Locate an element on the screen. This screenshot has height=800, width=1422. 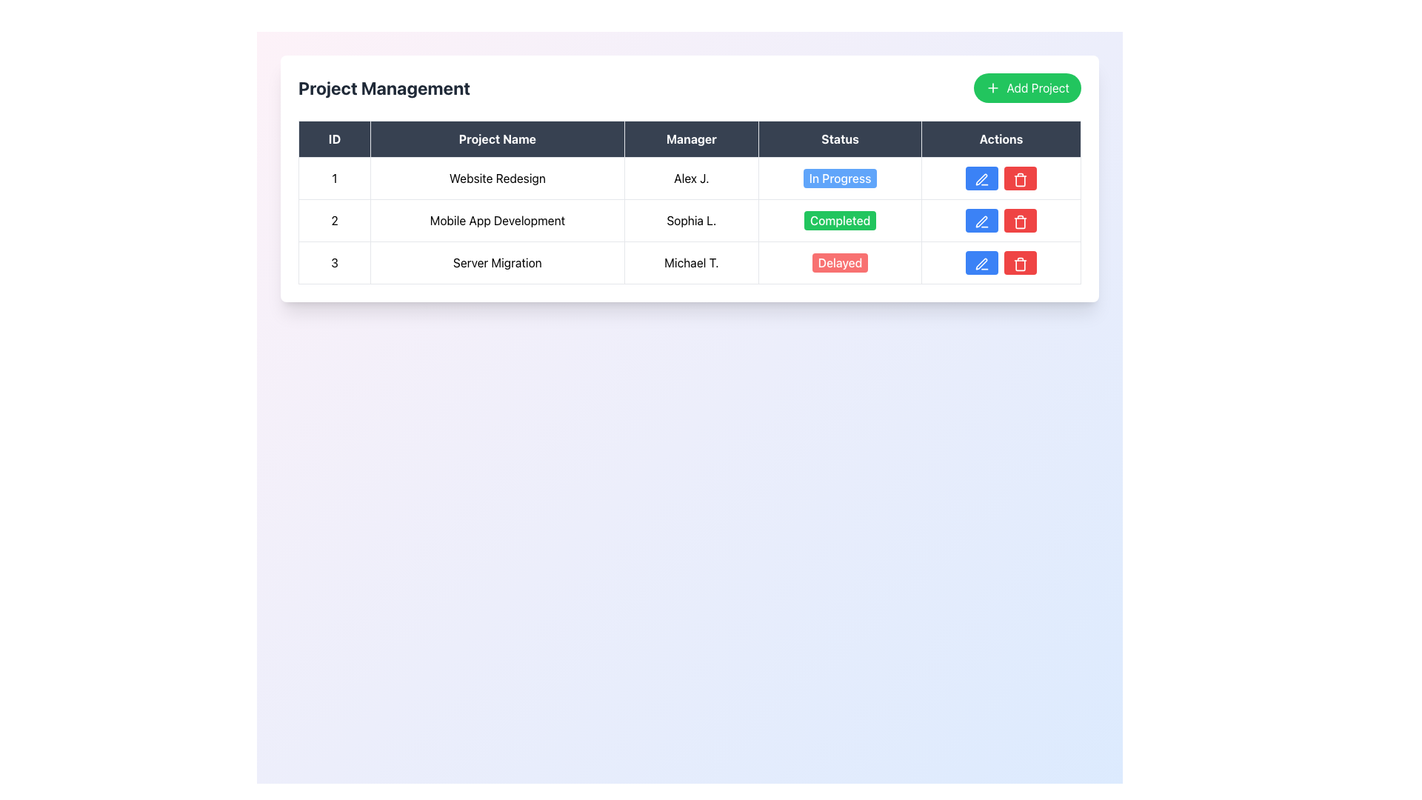
the blue rounded button with a pencil icon located in the 'Actions' column of the first row, adjacent to the 'In Progress' status indicator is located at coordinates (982, 177).